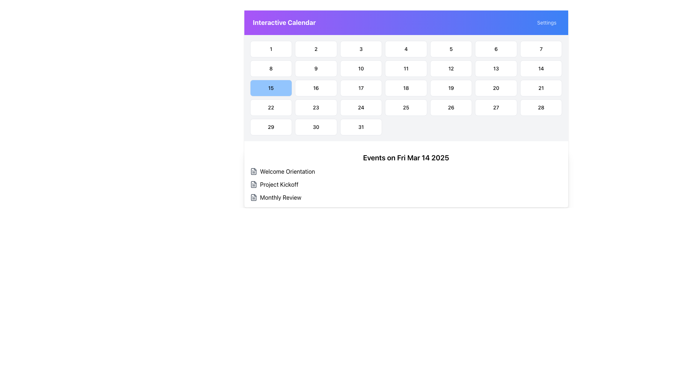 The width and height of the screenshot is (694, 390). What do you see at coordinates (270, 49) in the screenshot?
I see `the first day of the month in the interactive calendar located in the top-left corner of the calendar layout` at bounding box center [270, 49].